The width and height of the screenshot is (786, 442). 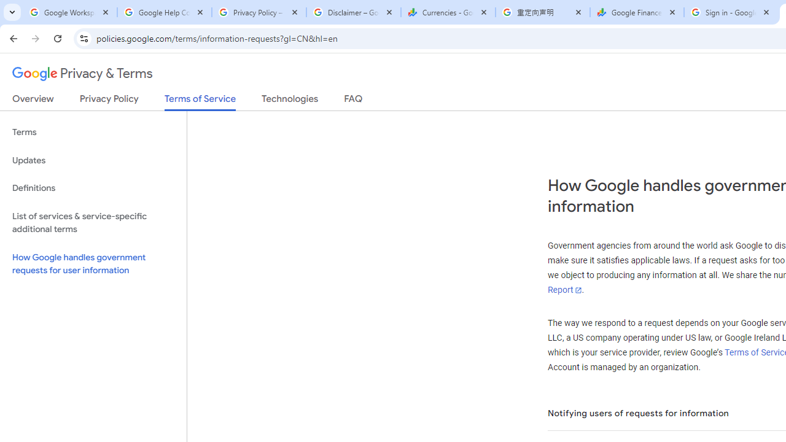 I want to click on 'Currencies - Google Finance', so click(x=448, y=12).